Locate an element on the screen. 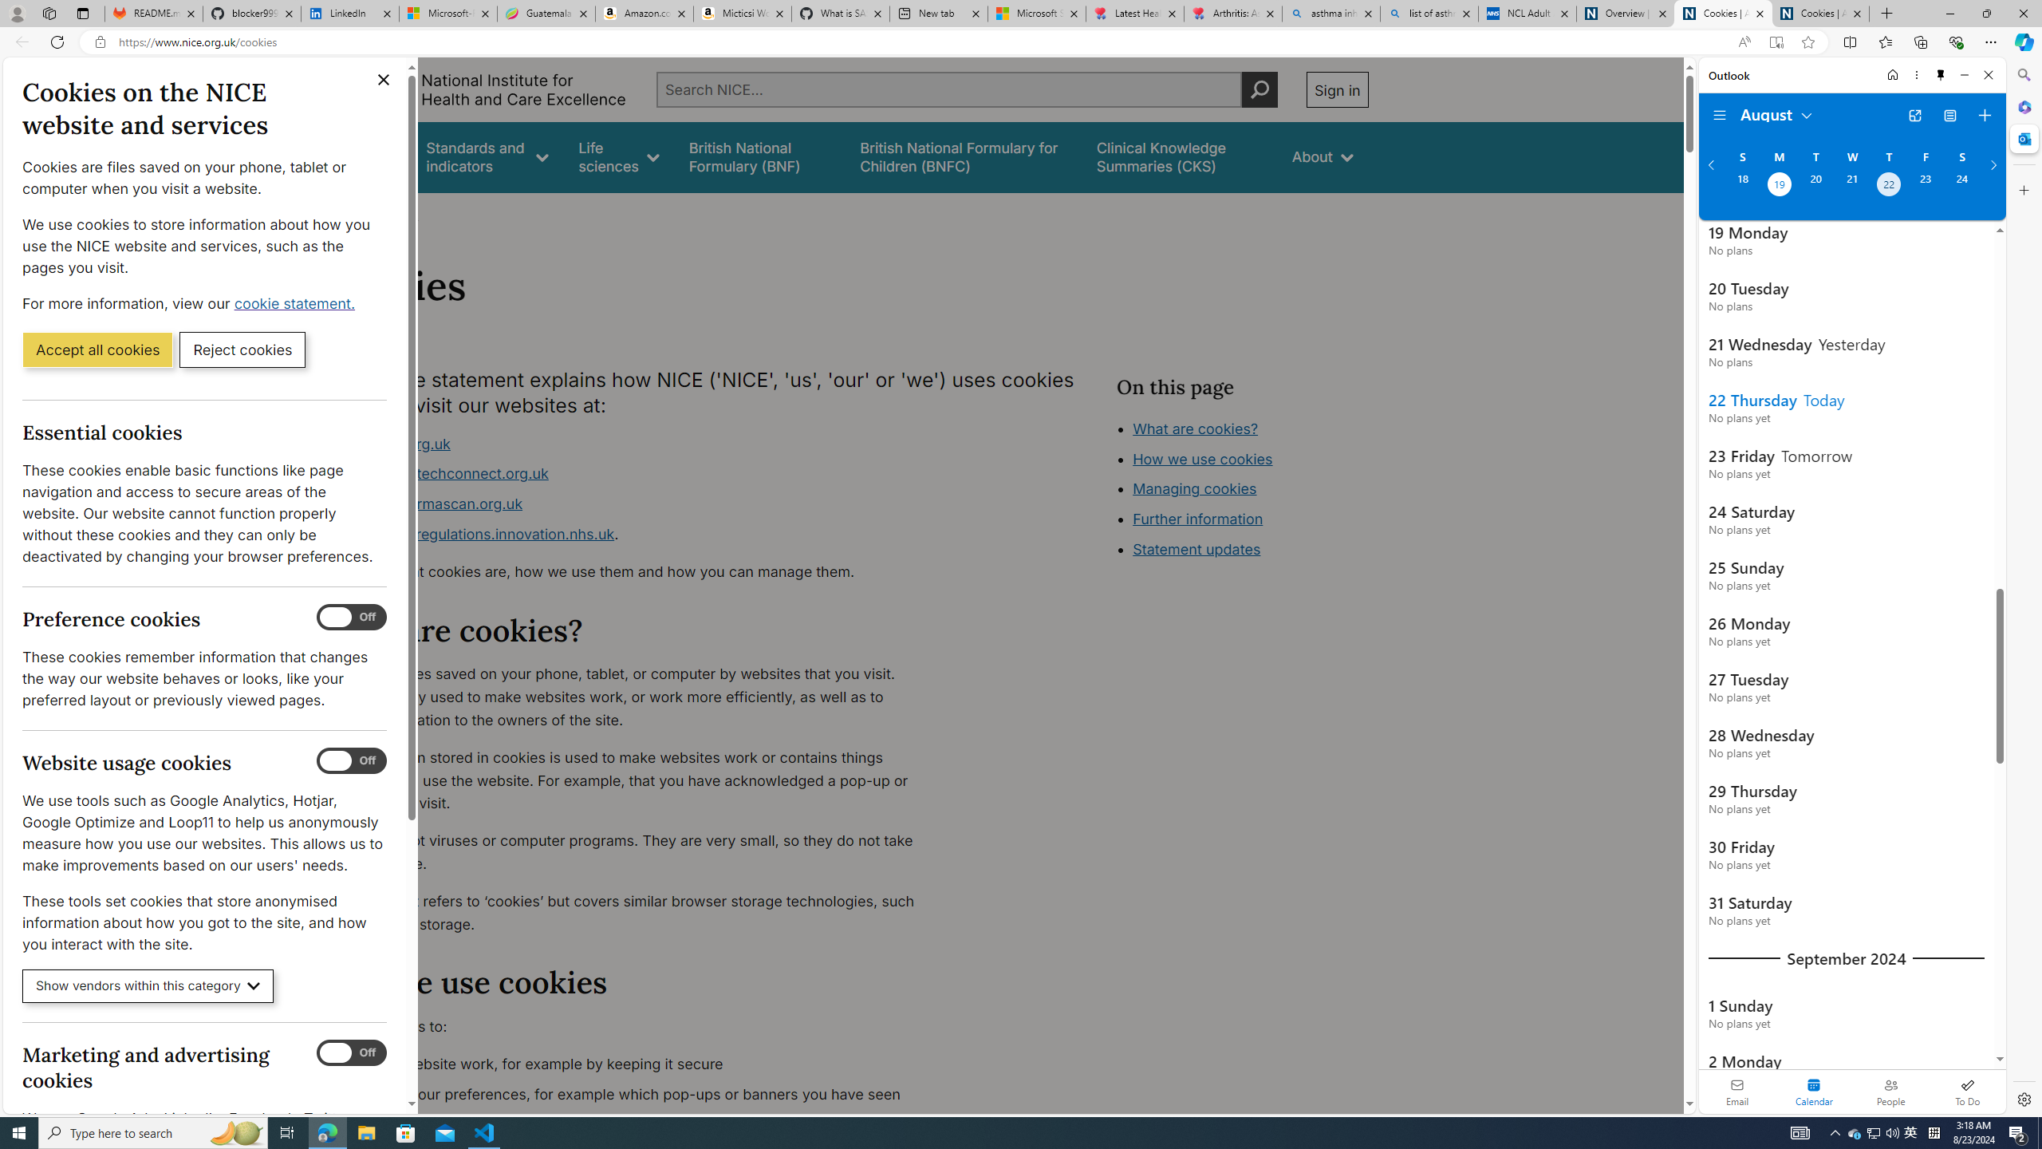 This screenshot has height=1149, width=2042. 'How we use cookies' is located at coordinates (1202, 458).